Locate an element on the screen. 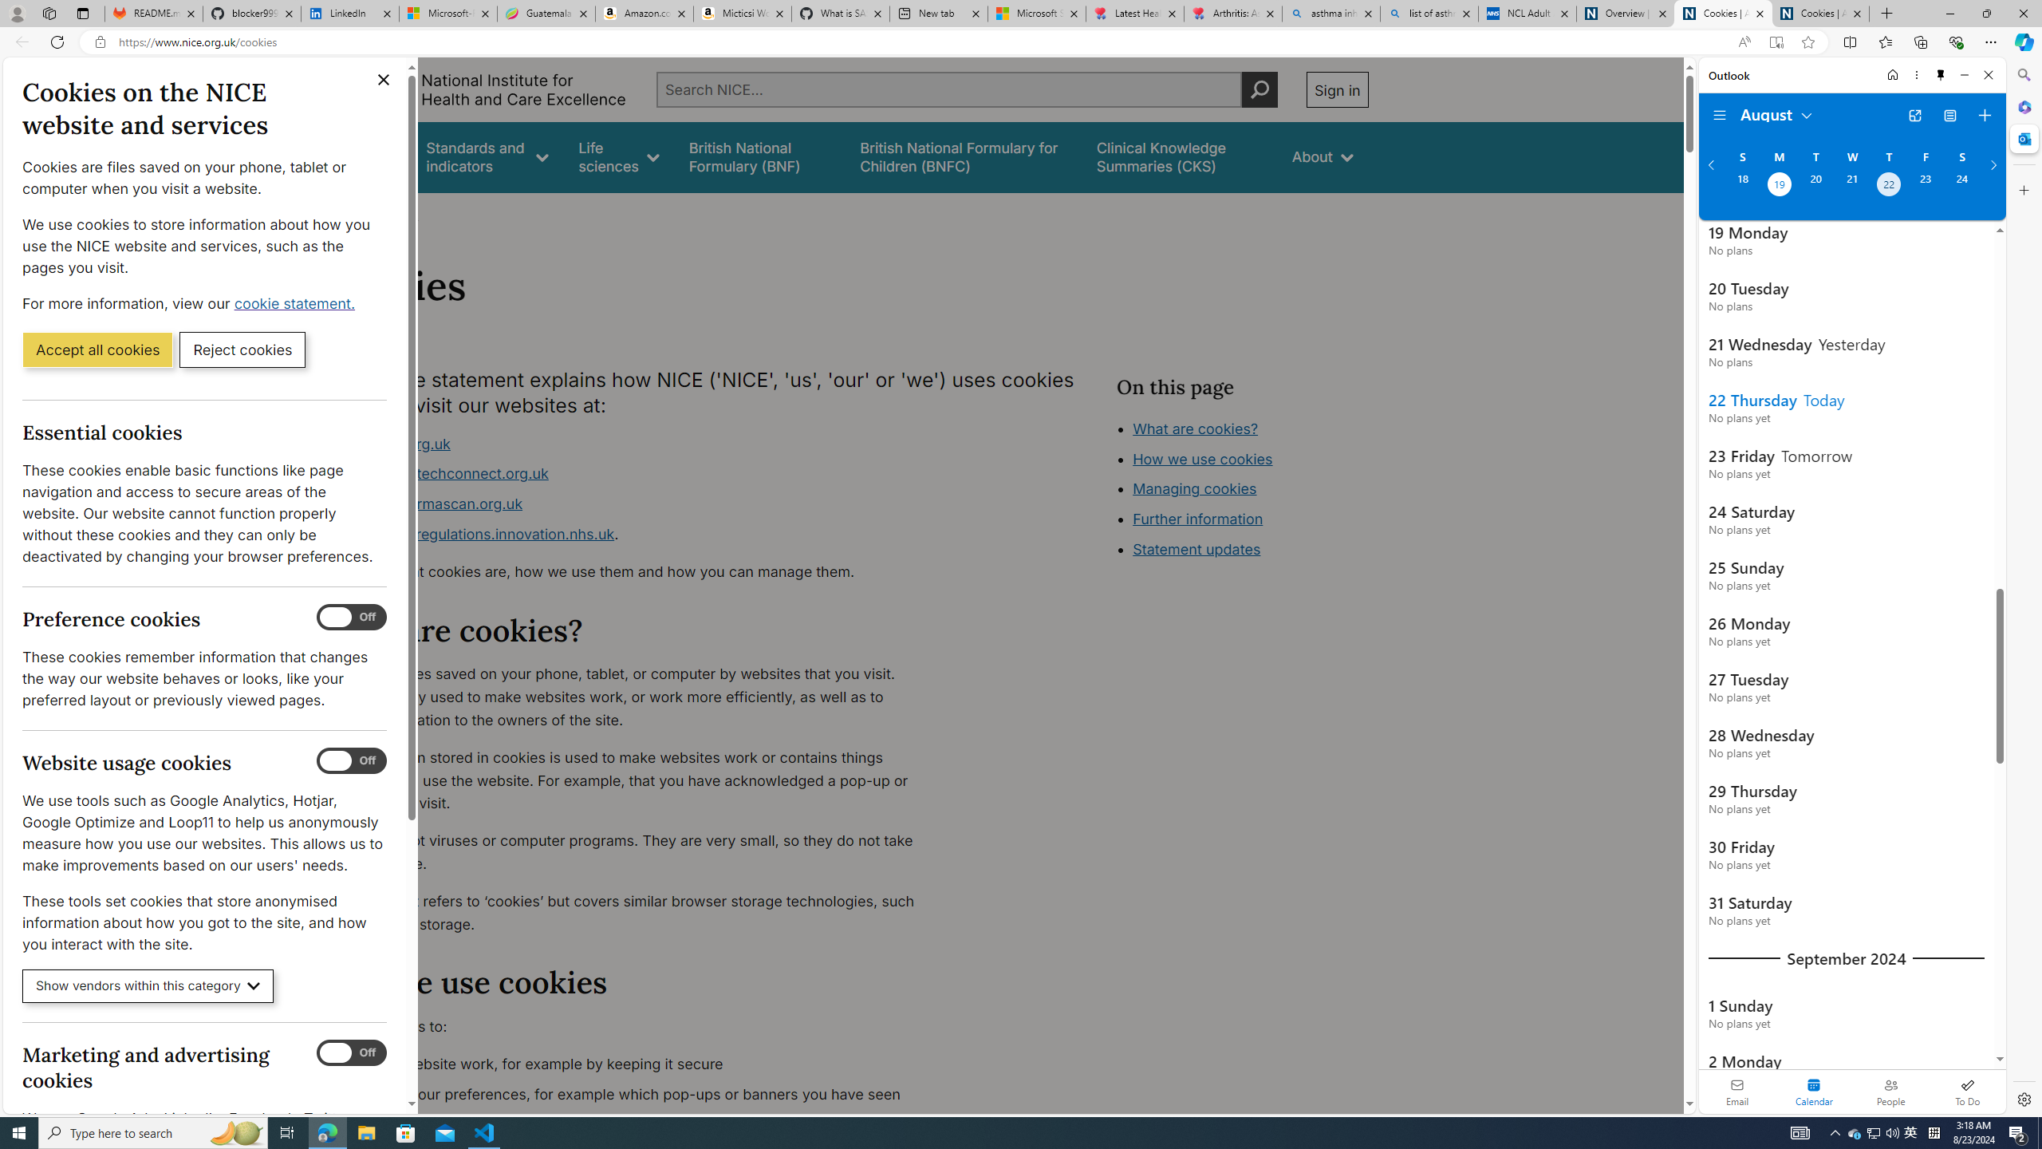 This screenshot has height=1149, width=2042. 'How we use cookies' is located at coordinates (1202, 458).